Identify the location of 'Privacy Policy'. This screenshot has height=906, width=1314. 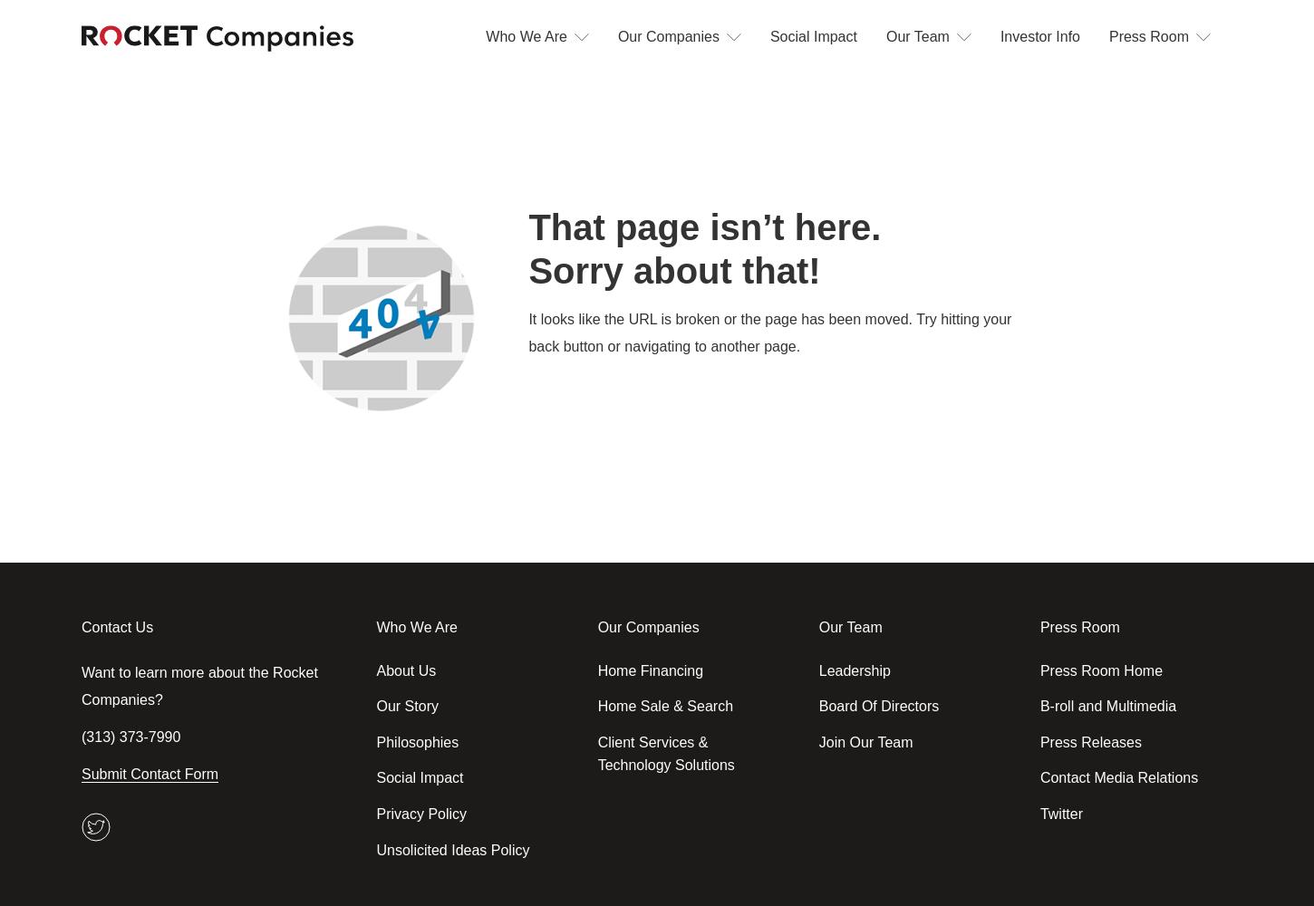
(374, 813).